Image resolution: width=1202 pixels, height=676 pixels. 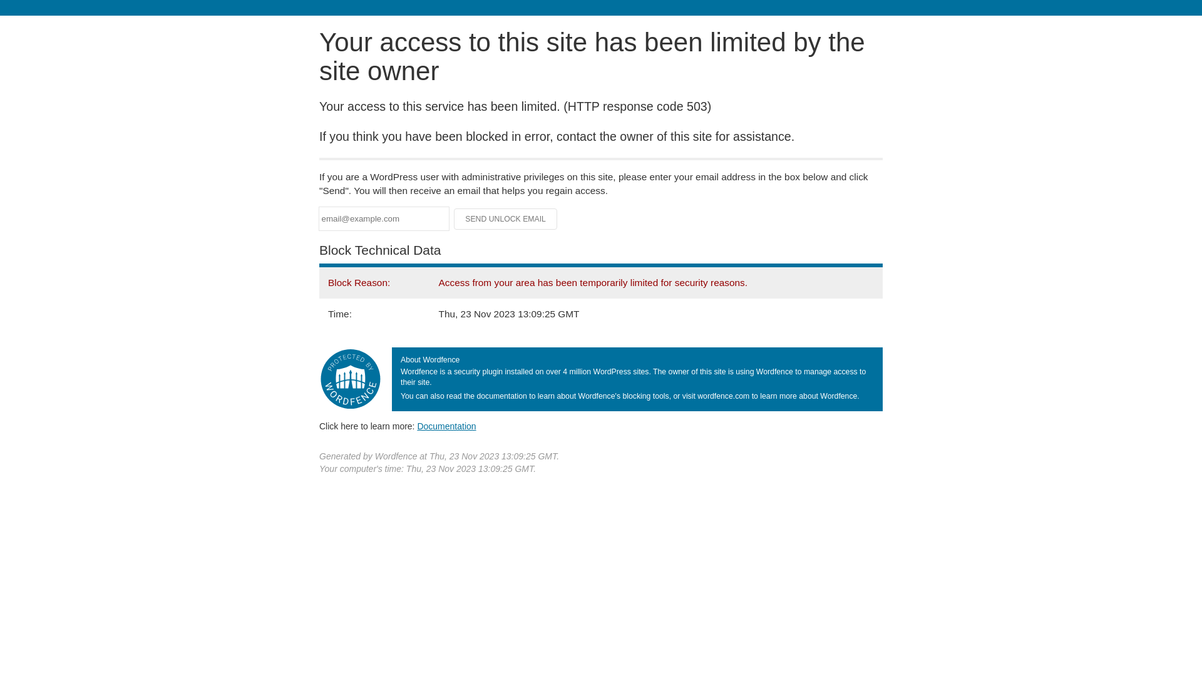 I want to click on 'Documentation', so click(x=446, y=426).